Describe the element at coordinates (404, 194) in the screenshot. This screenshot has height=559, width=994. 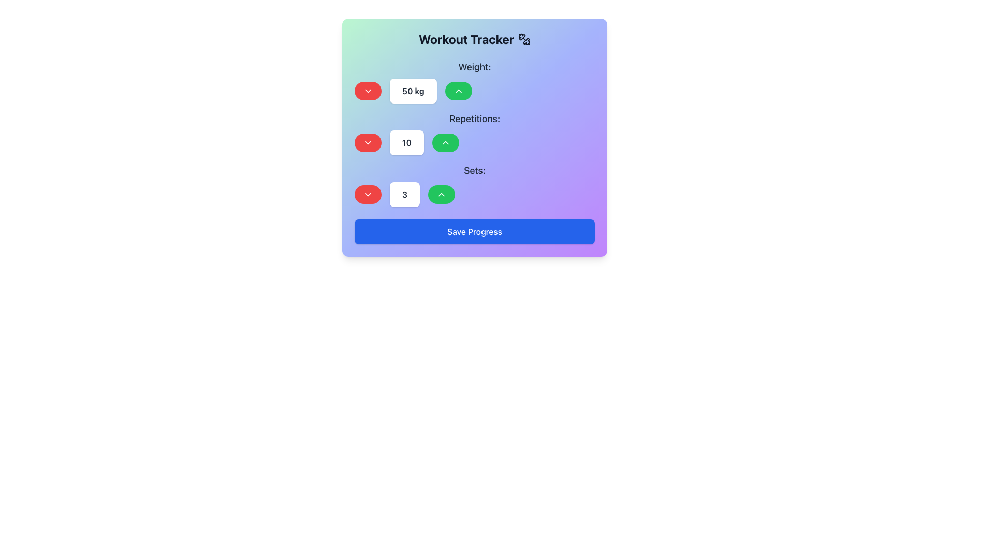
I see `the static text element displaying the bold text '3', which is styled as a button with rounded corners and a shadow effect, located between a red circular button and a green circular button in the workout parameters UI` at that location.